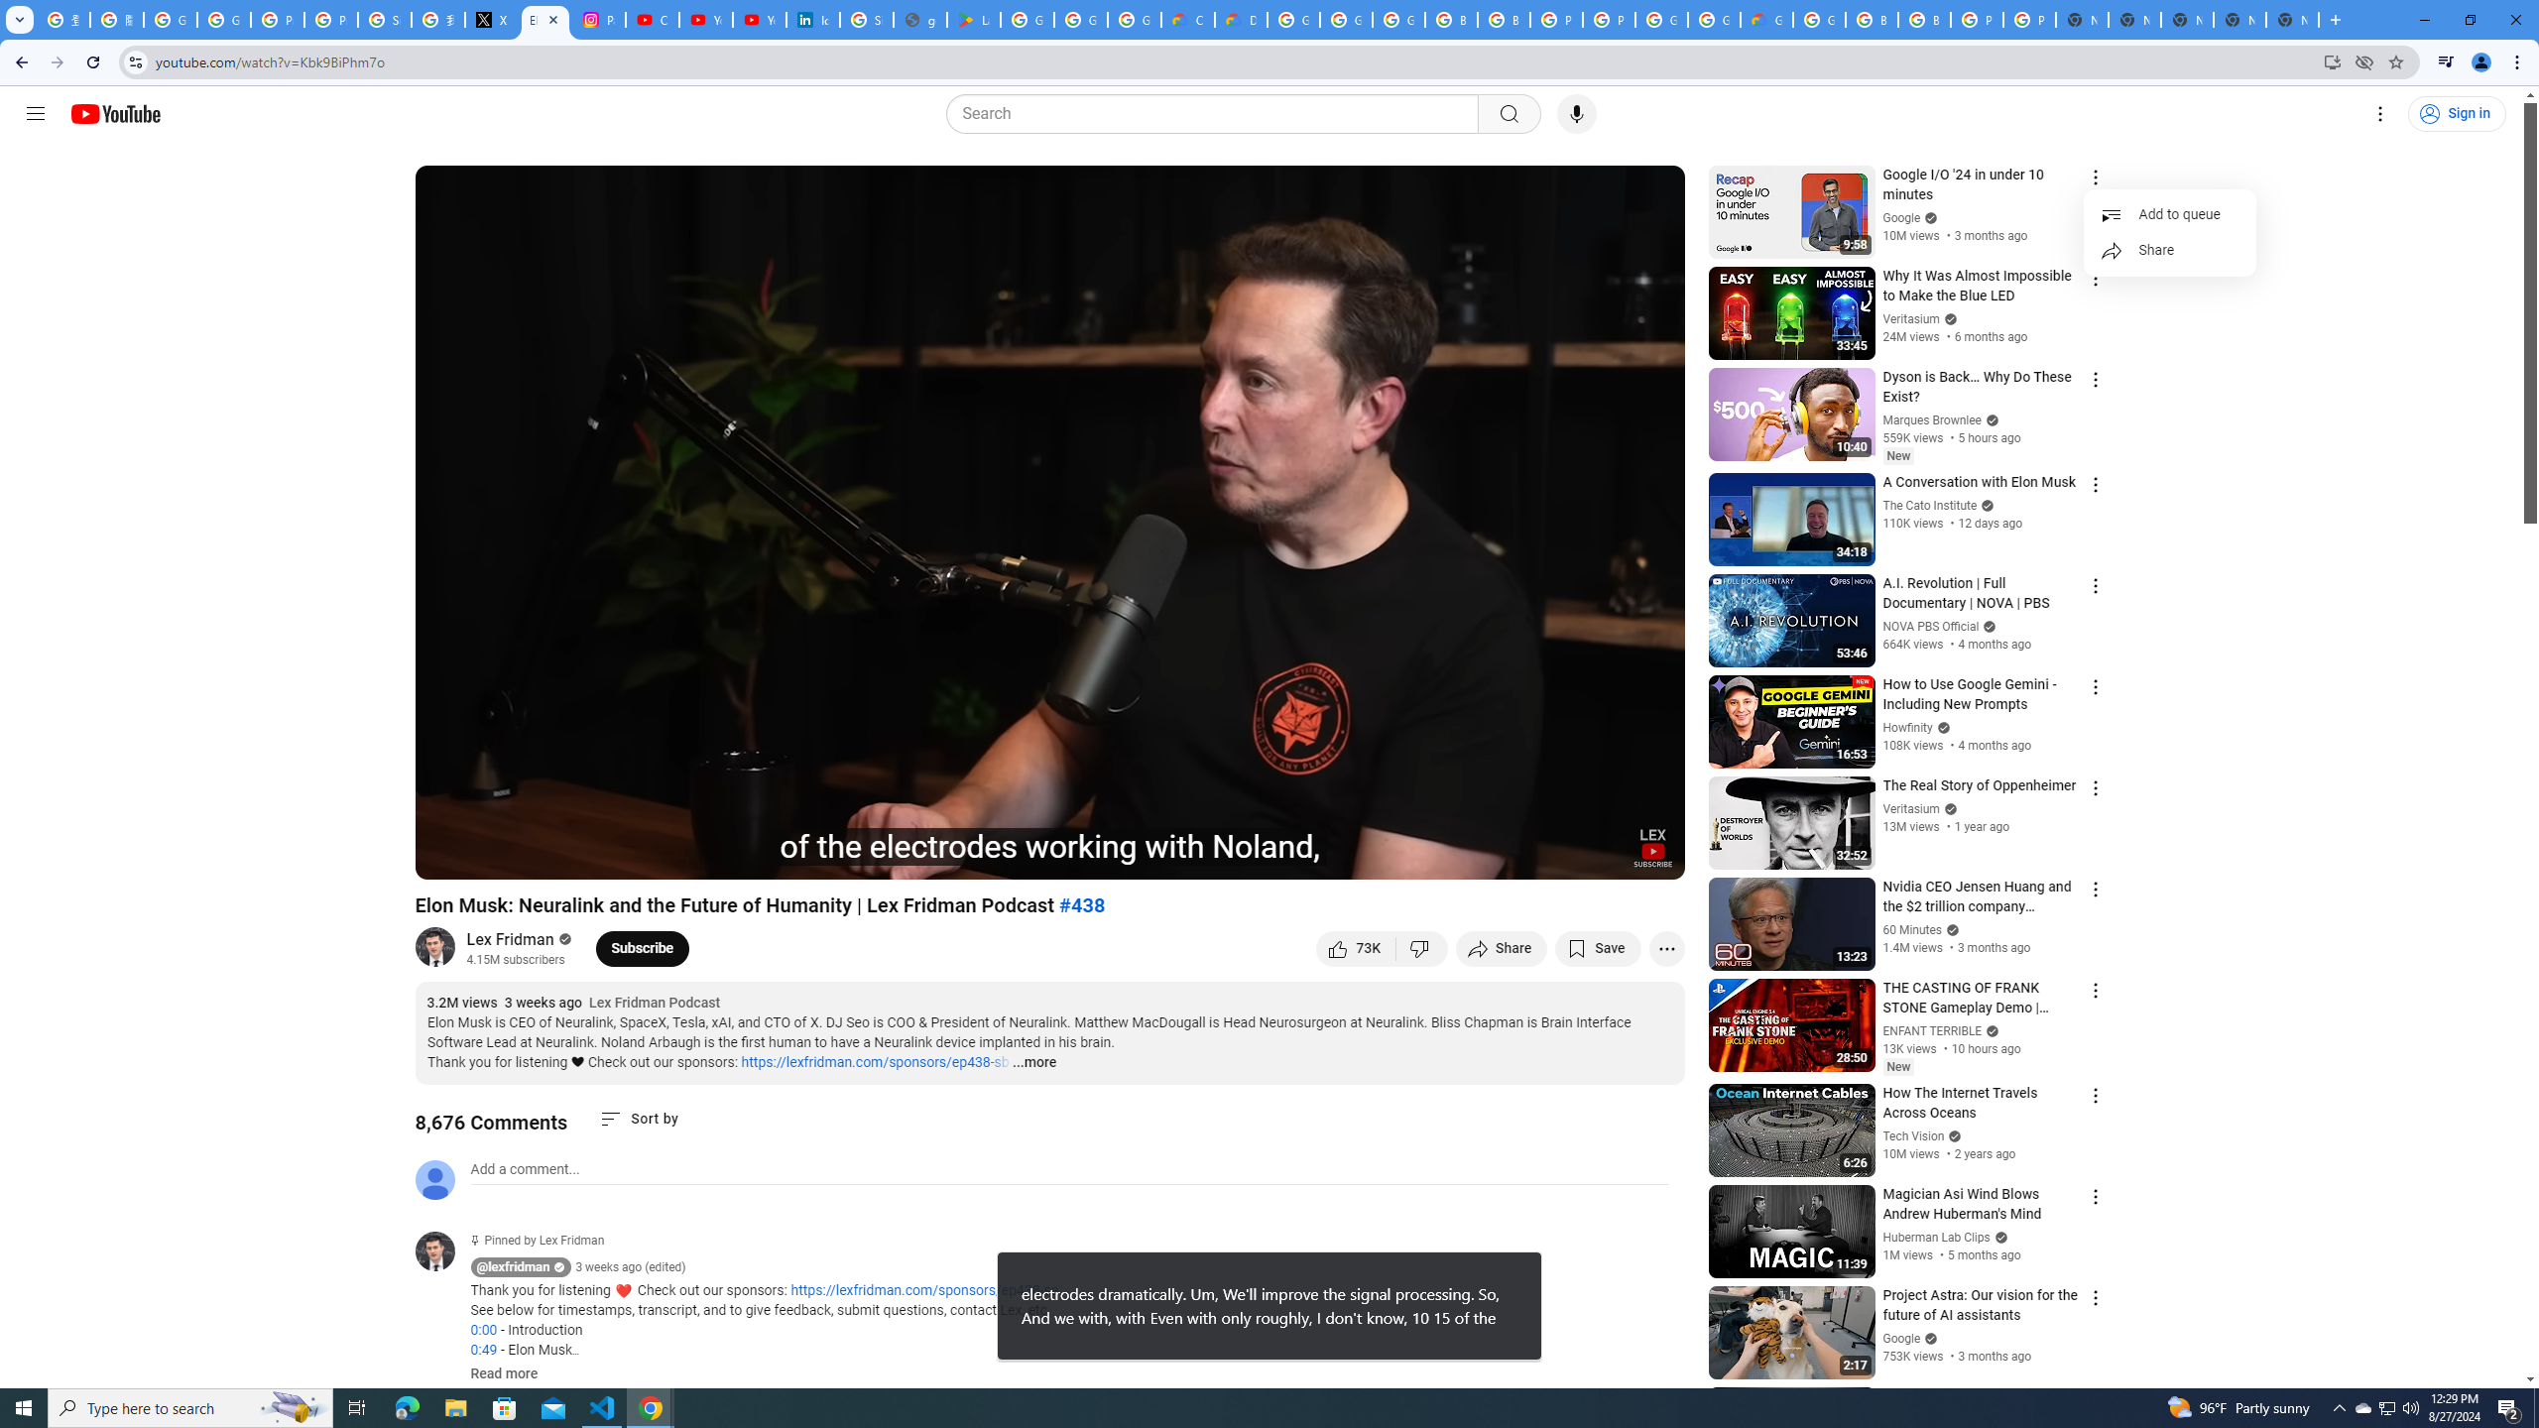 This screenshot has height=1428, width=2539. I want to click on '0:49', so click(482, 1349).